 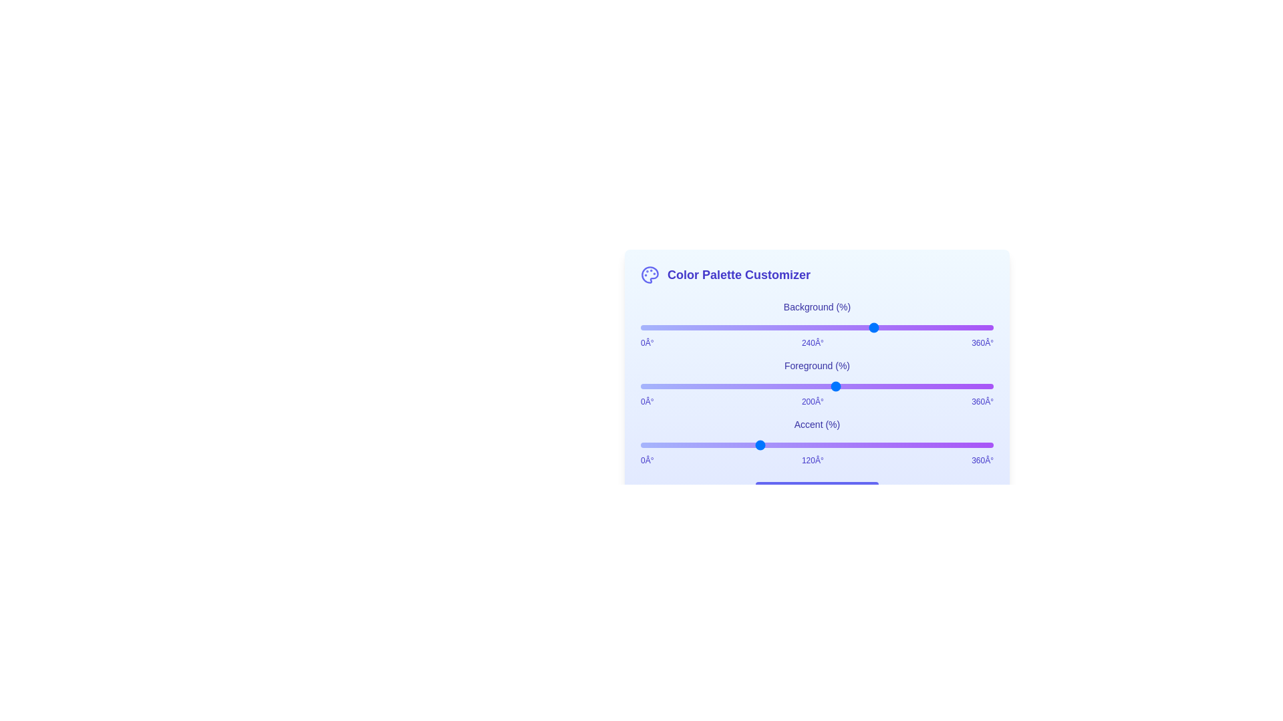 I want to click on the Accent slider to set its hue to 65 degrees, so click(x=704, y=445).